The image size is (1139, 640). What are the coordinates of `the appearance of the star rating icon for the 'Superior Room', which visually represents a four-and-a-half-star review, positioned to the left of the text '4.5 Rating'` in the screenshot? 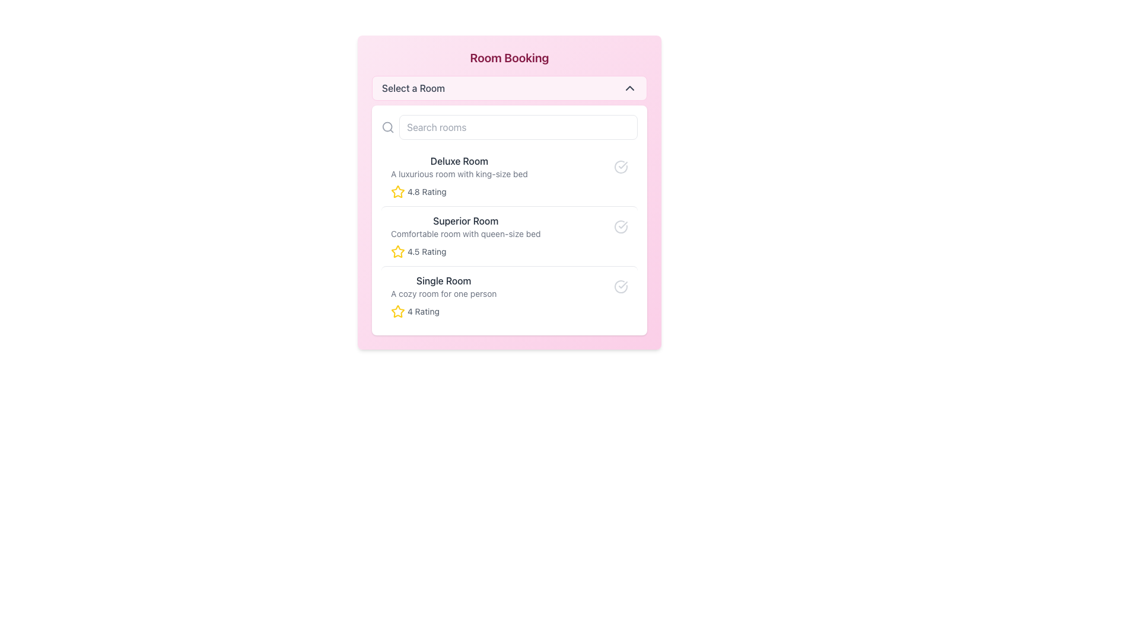 It's located at (398, 251).